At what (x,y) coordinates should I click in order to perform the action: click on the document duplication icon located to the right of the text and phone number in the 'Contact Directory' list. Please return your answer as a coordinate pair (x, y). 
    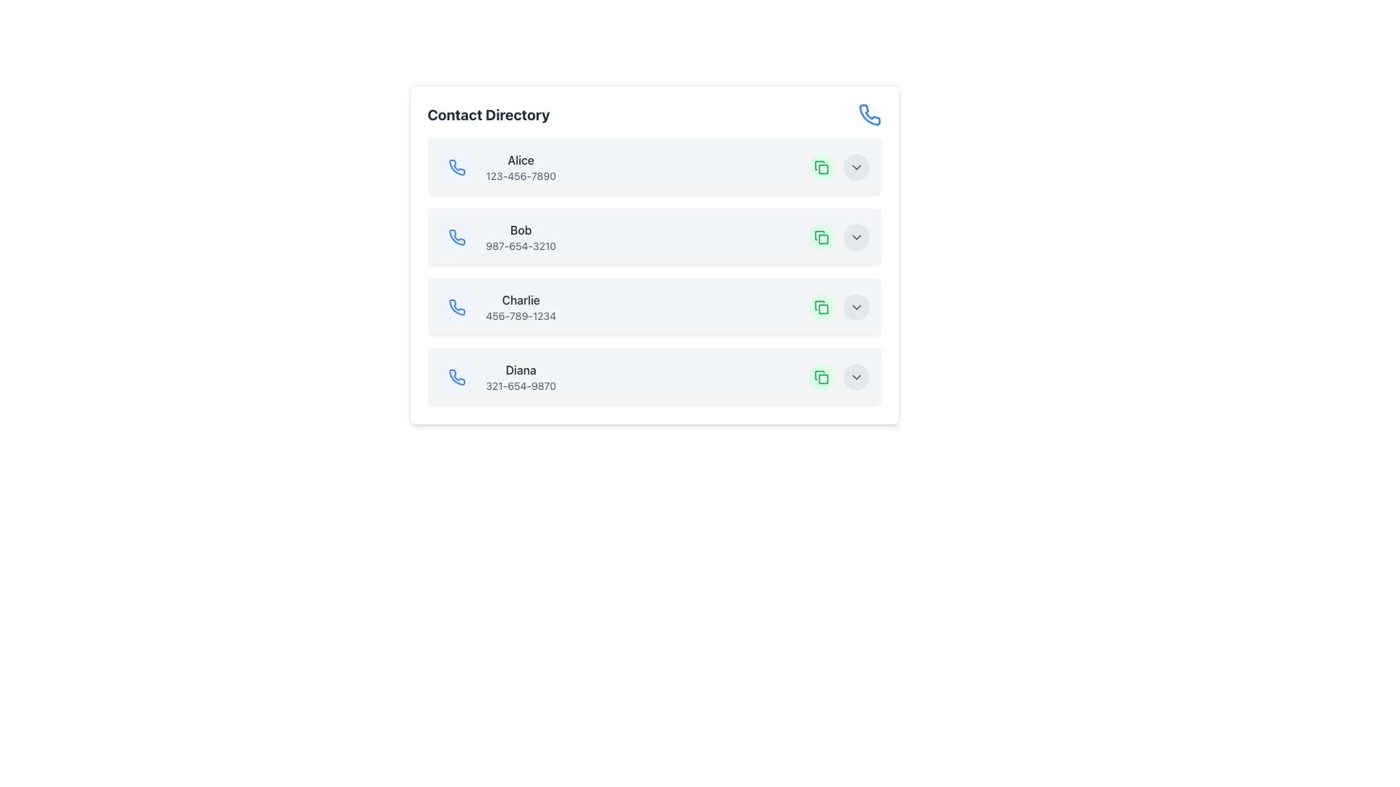
    Looking at the image, I should click on (819, 375).